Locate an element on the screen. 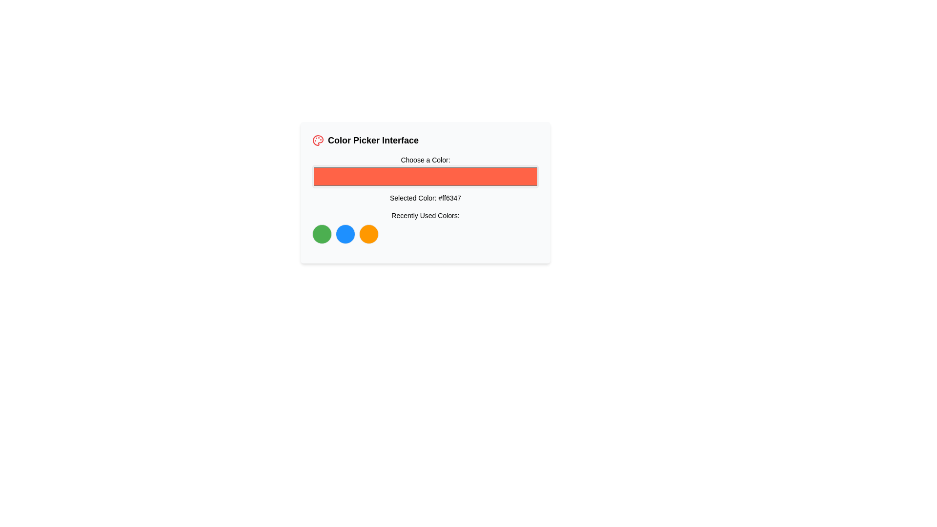  the informative Text label that denotes recently used colors, located in the bottom section of the 'Color Picker Interface' module, below the 'Selected Color' label is located at coordinates (426, 215).